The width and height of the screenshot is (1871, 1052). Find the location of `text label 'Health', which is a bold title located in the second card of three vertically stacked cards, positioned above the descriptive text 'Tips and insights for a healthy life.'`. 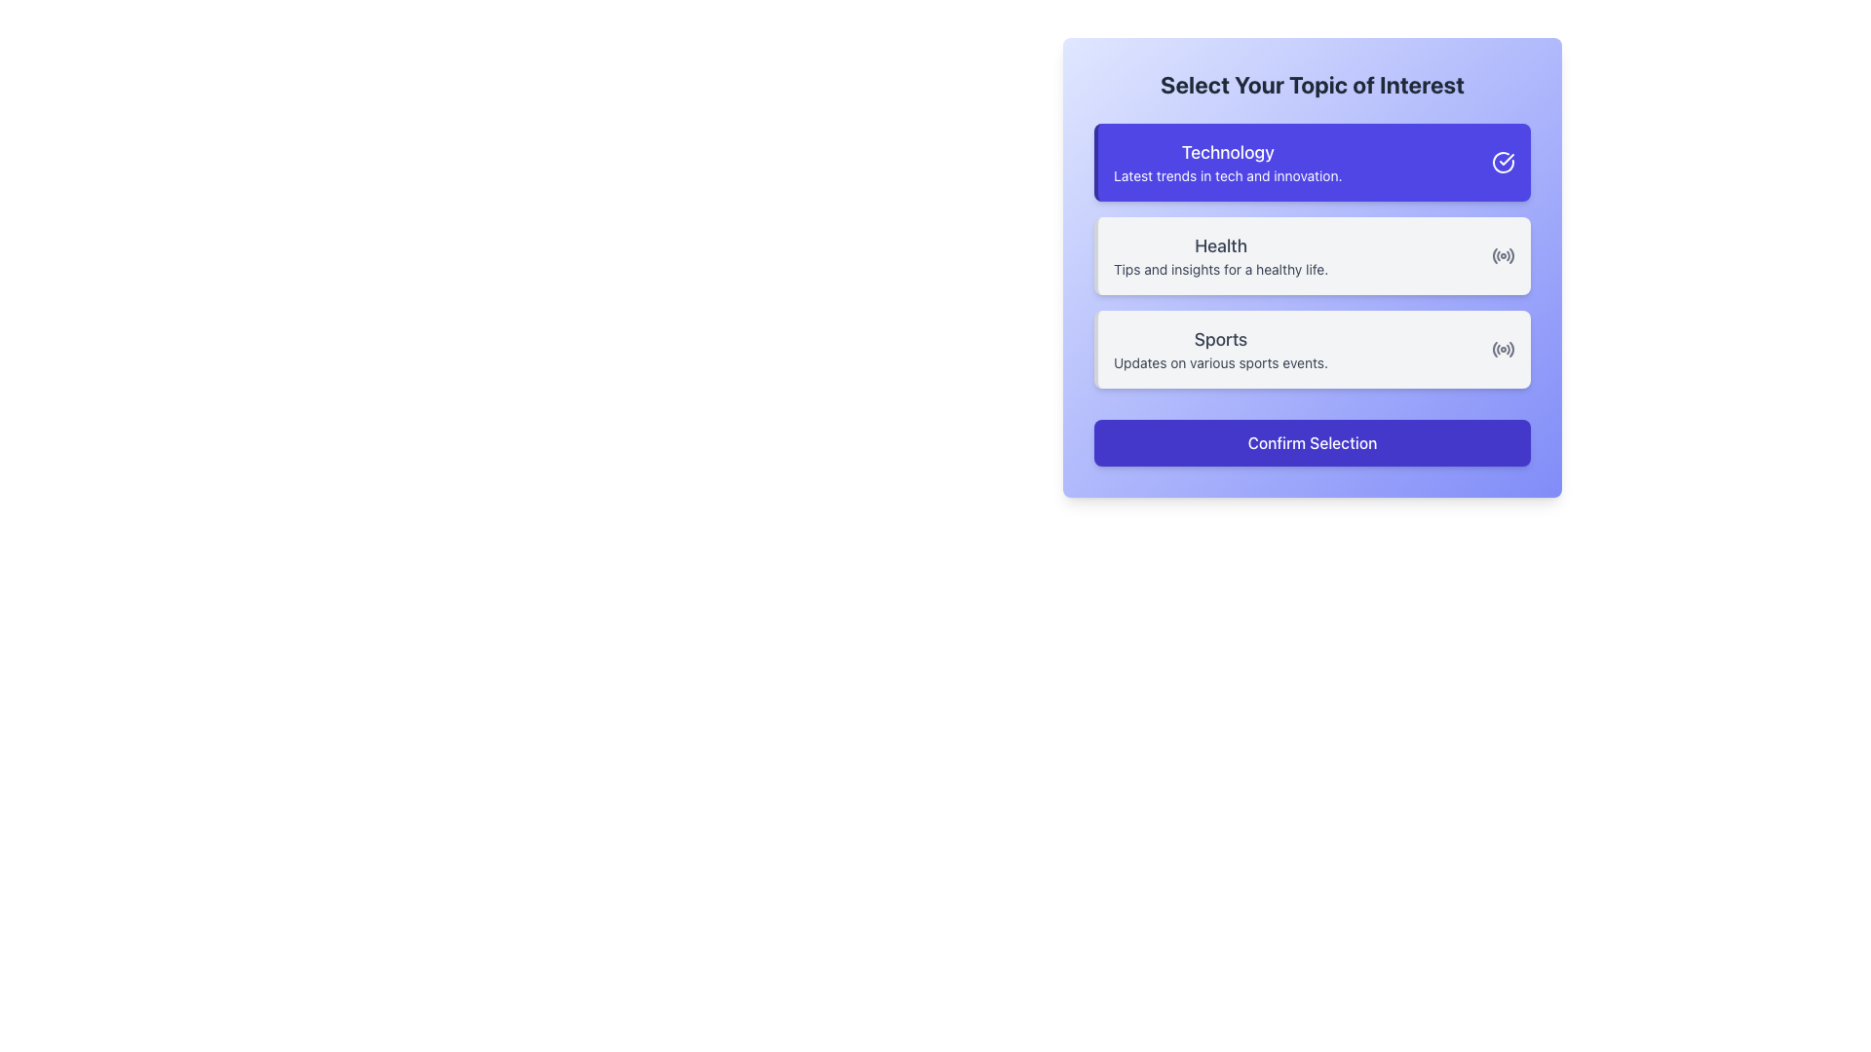

text label 'Health', which is a bold title located in the second card of three vertically stacked cards, positioned above the descriptive text 'Tips and insights for a healthy life.' is located at coordinates (1220, 245).